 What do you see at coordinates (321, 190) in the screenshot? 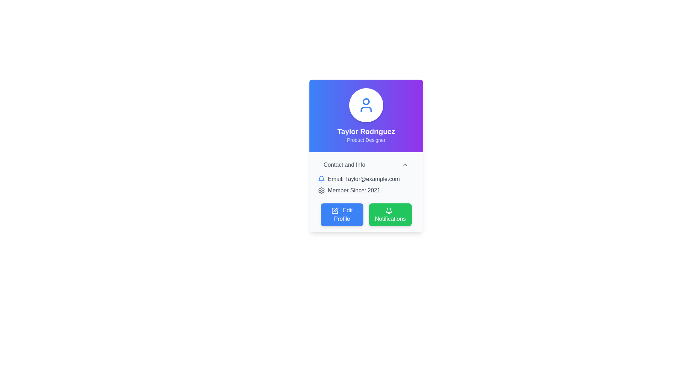
I see `the settings icon located in the bottom-right section of the interface` at bounding box center [321, 190].